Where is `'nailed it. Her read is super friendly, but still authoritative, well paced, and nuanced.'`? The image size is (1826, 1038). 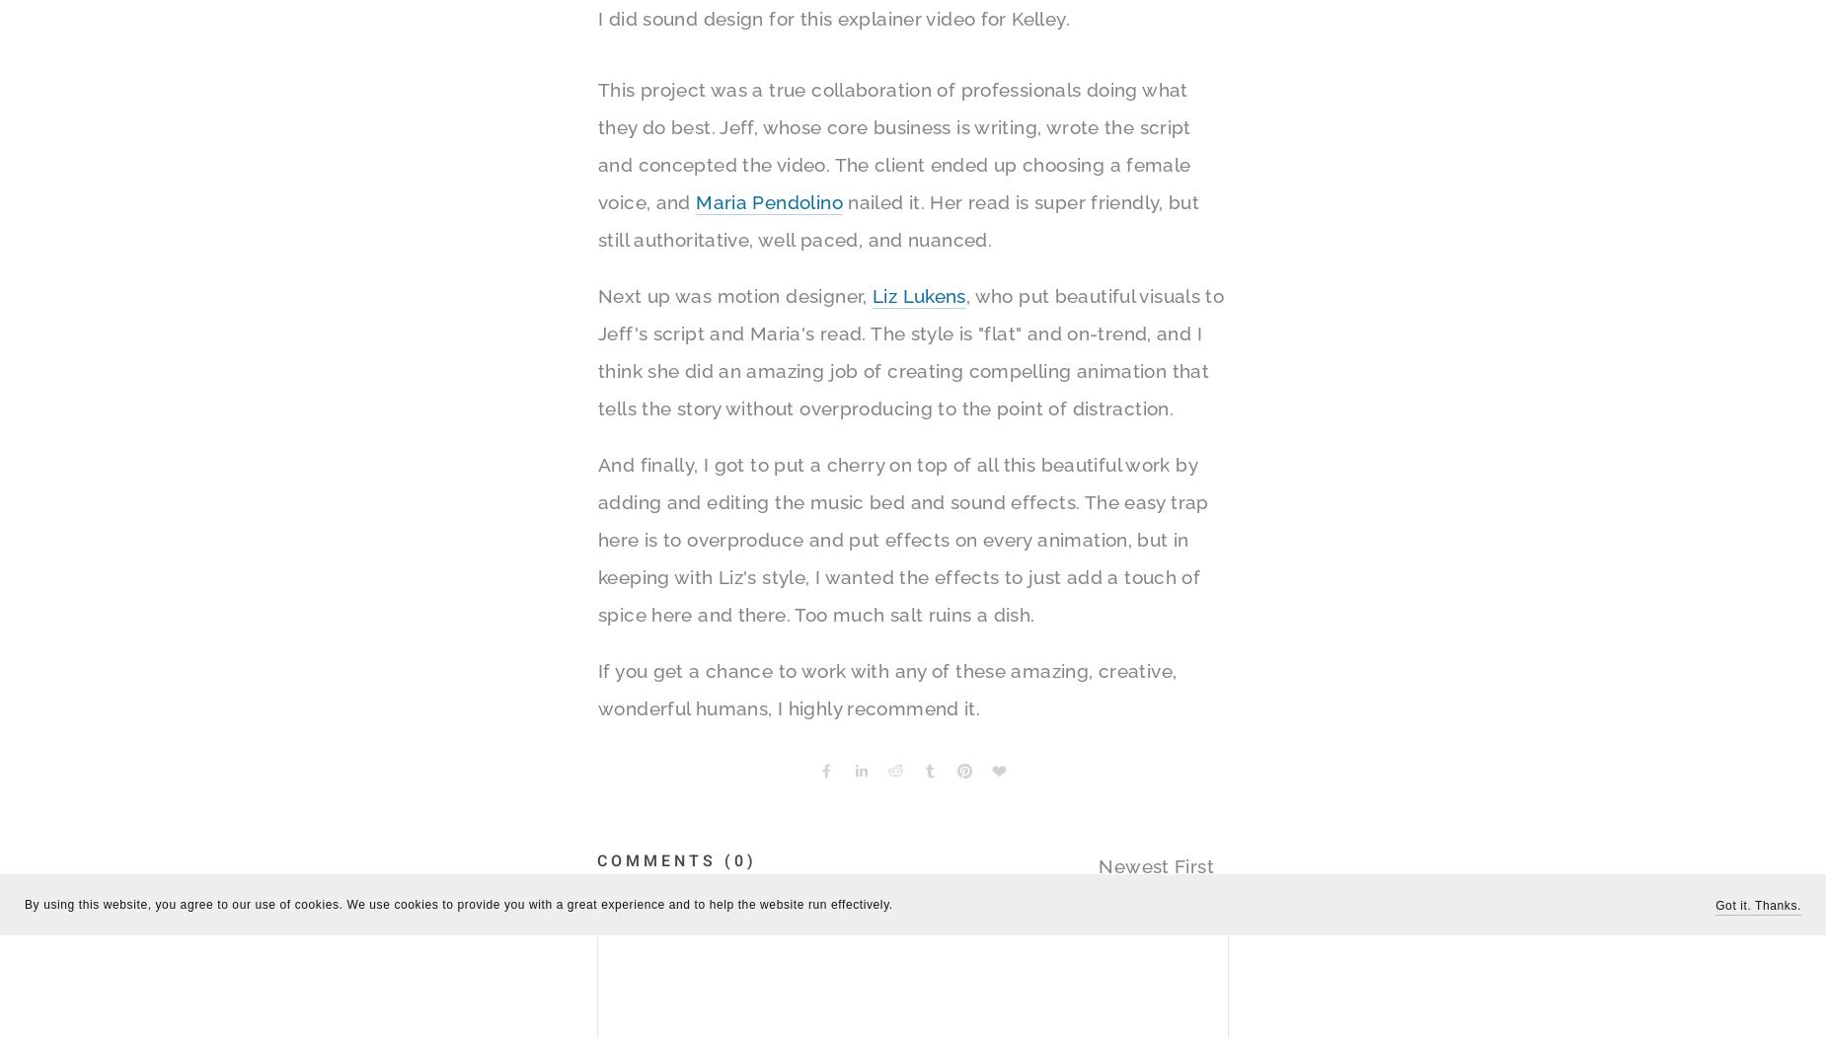 'nailed it. Her read is super friendly, but still authoritative, well paced, and nuanced.' is located at coordinates (898, 219).